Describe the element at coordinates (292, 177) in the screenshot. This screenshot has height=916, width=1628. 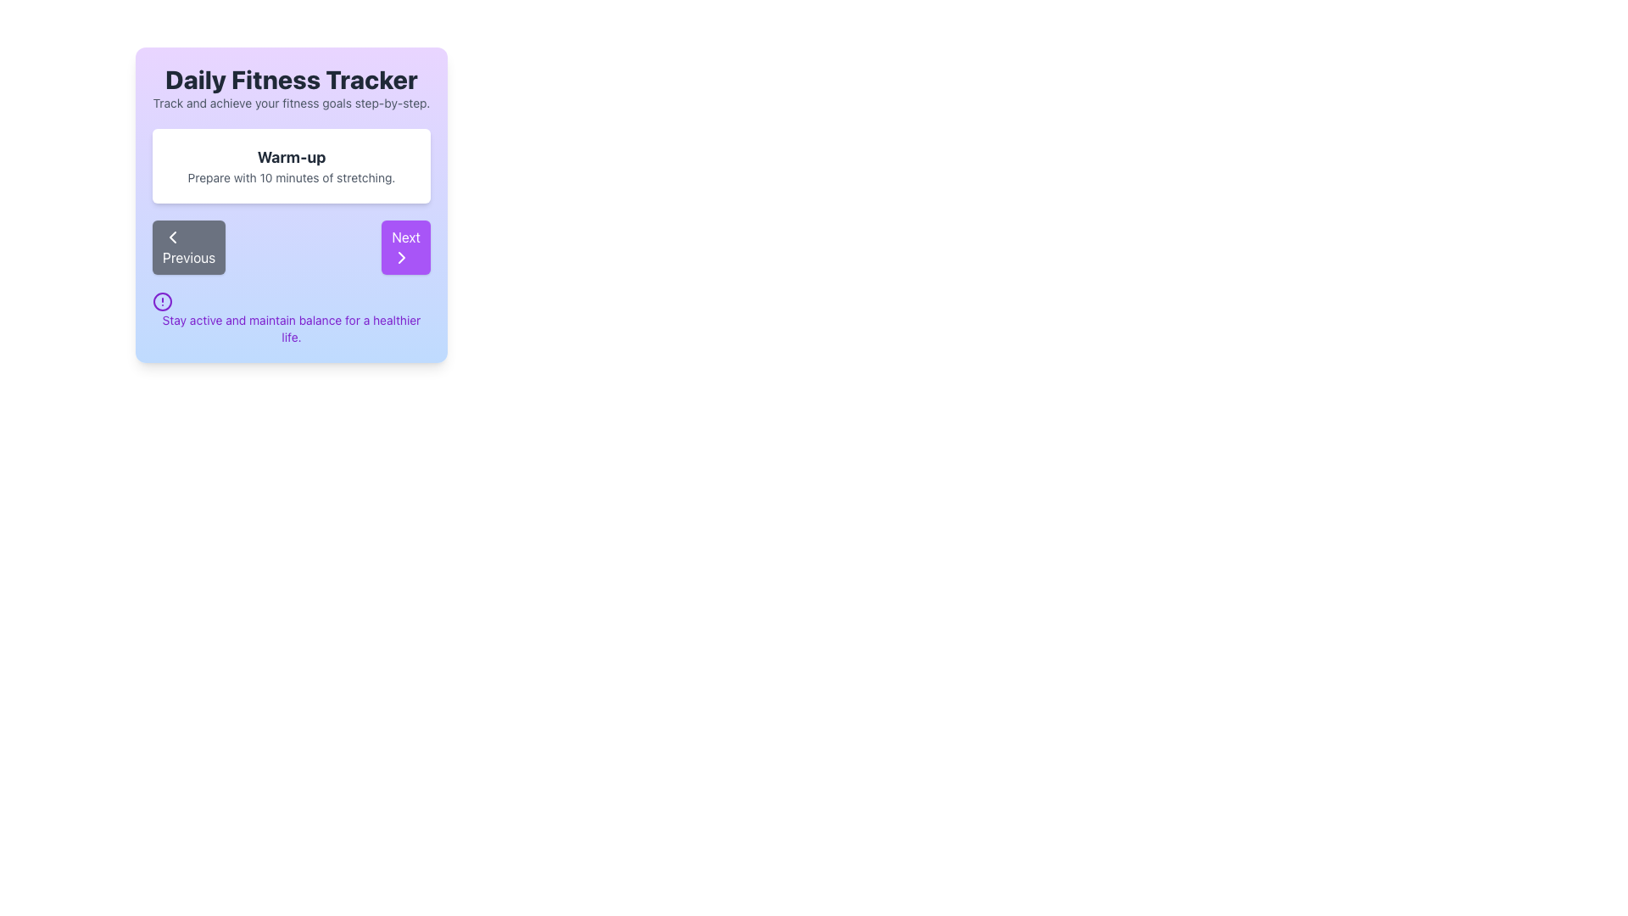
I see `the text element that reads 'Prepare with 10 minutes of stretching,' which is located below the bold title 'Warm-up' in a card-style block` at that location.